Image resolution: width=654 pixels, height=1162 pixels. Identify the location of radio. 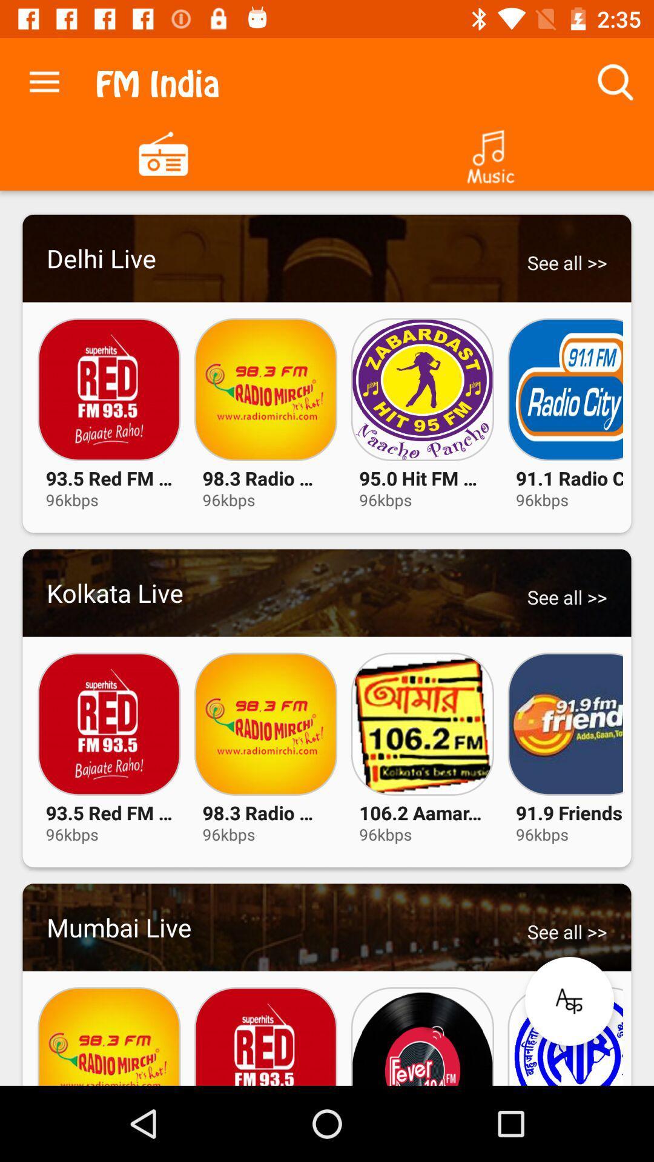
(163, 152).